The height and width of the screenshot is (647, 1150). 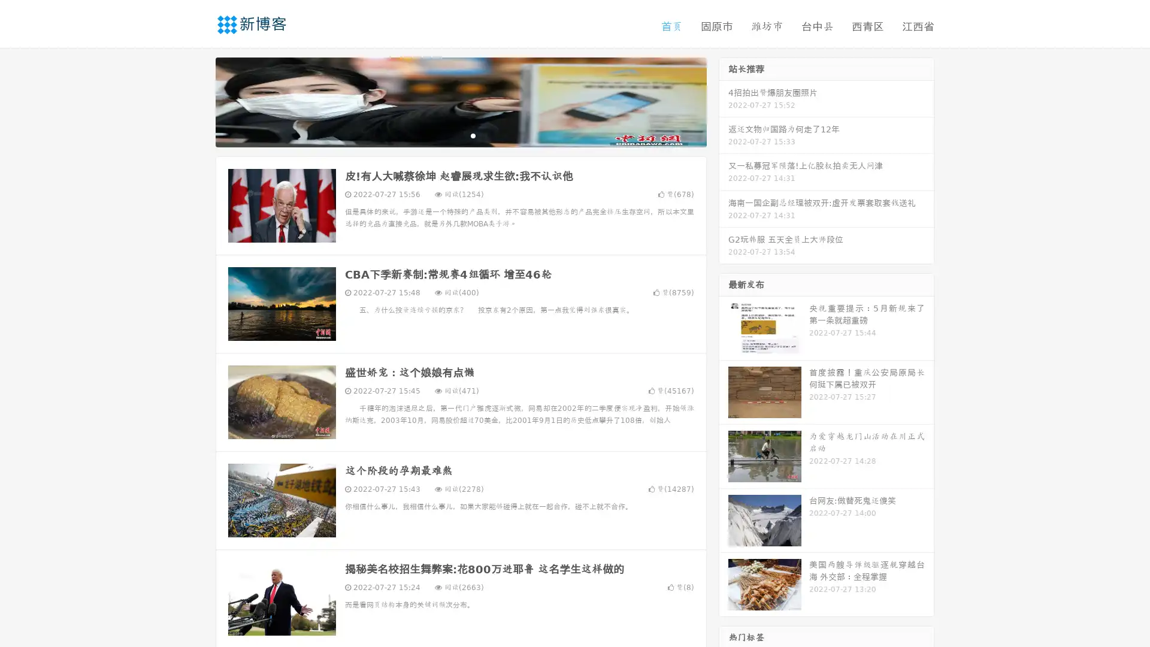 What do you see at coordinates (724, 101) in the screenshot?
I see `Next slide` at bounding box center [724, 101].